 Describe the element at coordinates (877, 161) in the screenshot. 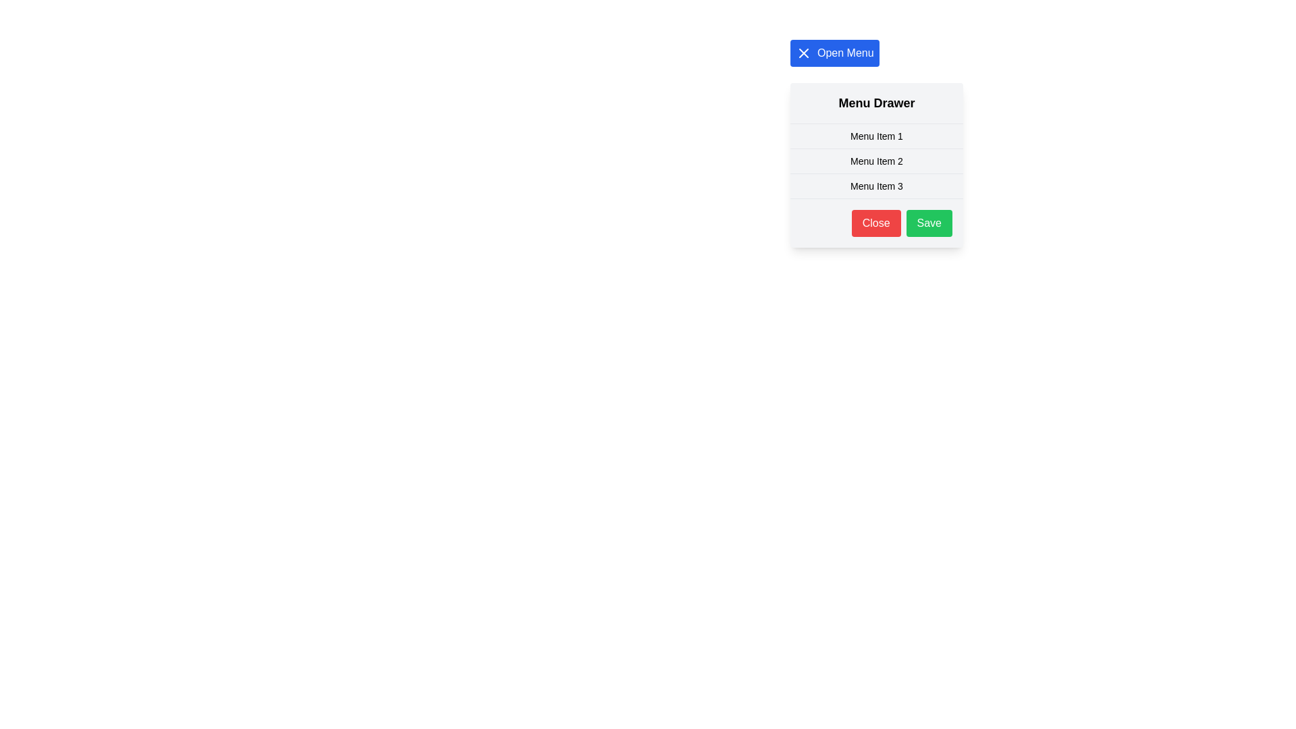

I see `the text label 'Menu Item 2' located in the 'Menu Drawer', which is styled with padding and a bottom border, positioned centrally between 'Menu Item 1' and 'Menu Item 3'` at that location.